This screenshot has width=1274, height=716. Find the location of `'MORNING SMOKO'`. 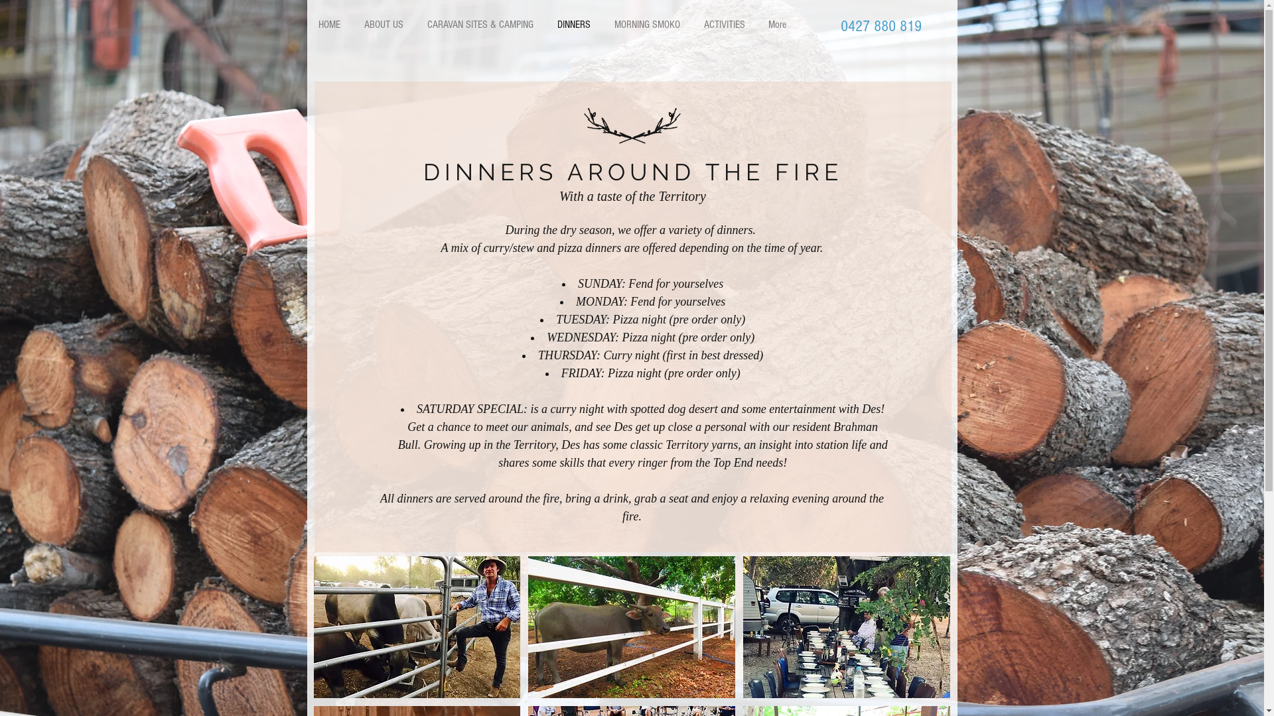

'MORNING SMOKO' is located at coordinates (647, 25).